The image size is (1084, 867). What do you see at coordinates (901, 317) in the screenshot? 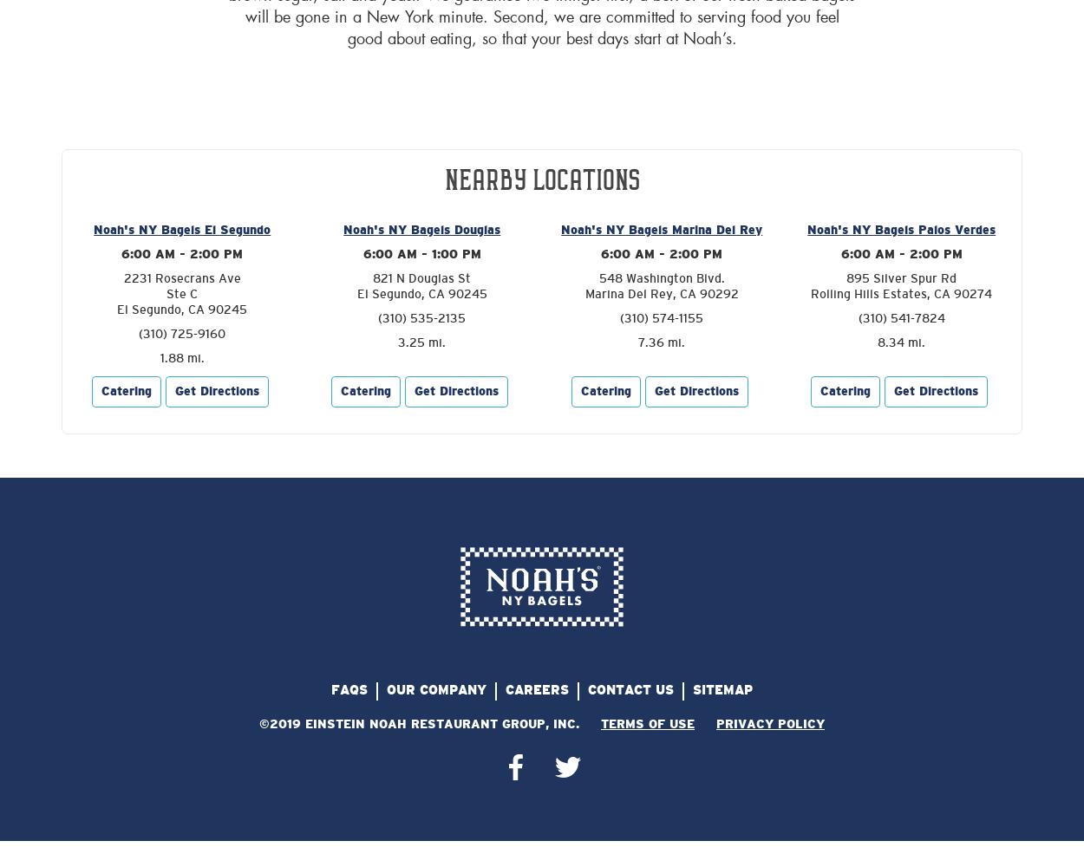
I see `'(310) 541-7824'` at bounding box center [901, 317].